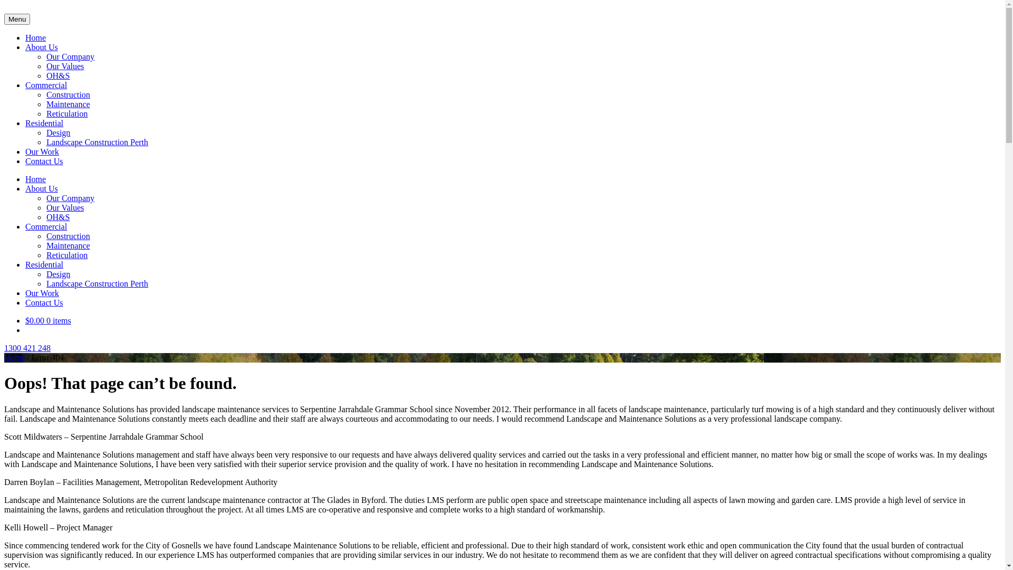  What do you see at coordinates (47, 320) in the screenshot?
I see `'$0.00 0 items'` at bounding box center [47, 320].